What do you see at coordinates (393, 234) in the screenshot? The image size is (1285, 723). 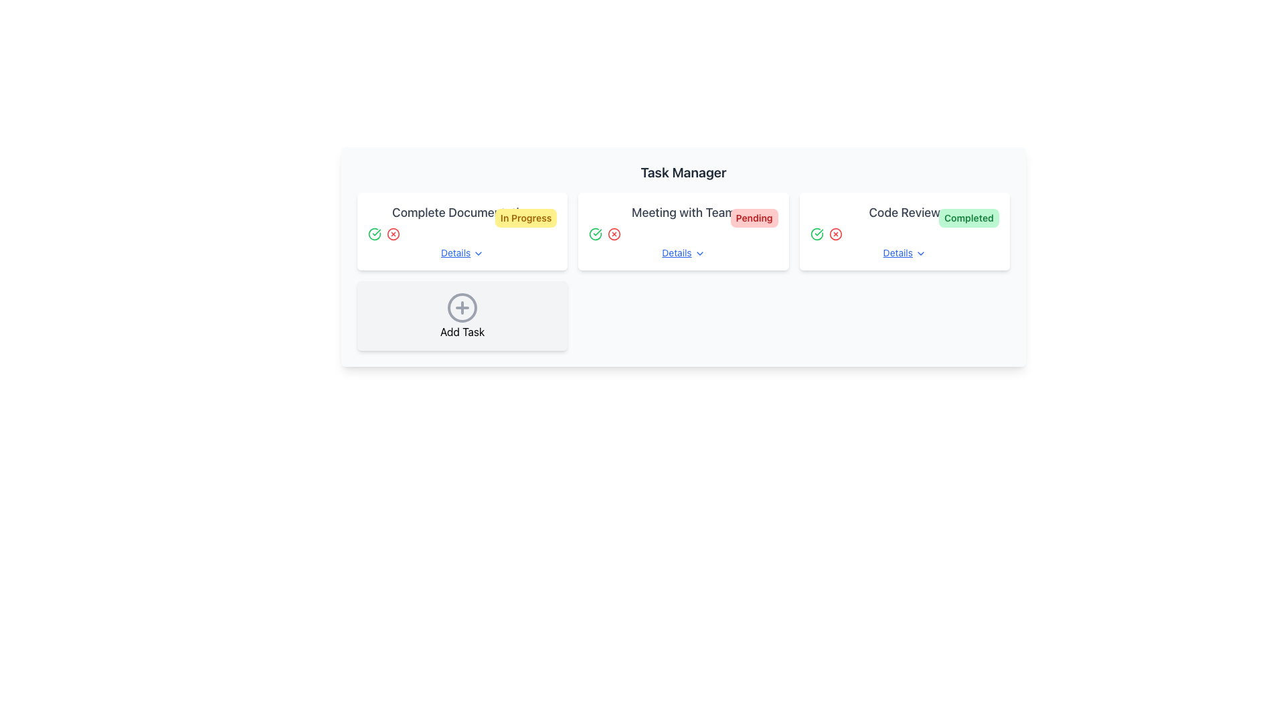 I see `the red circular icon with a cross inside, located in the task box labeled 'Complete Document'` at bounding box center [393, 234].